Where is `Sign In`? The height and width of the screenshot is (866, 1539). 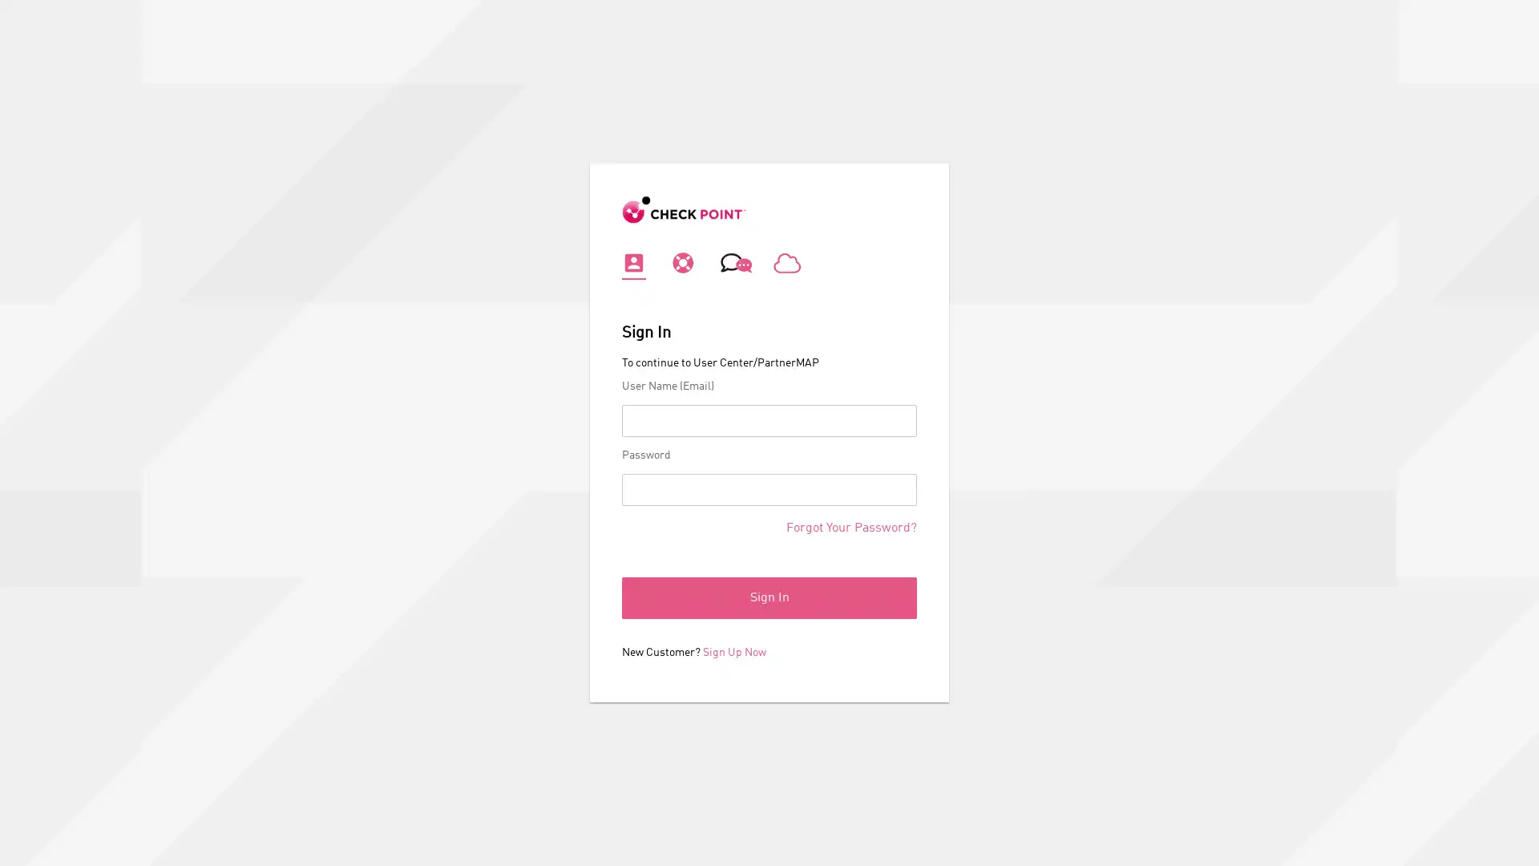 Sign In is located at coordinates (769, 597).